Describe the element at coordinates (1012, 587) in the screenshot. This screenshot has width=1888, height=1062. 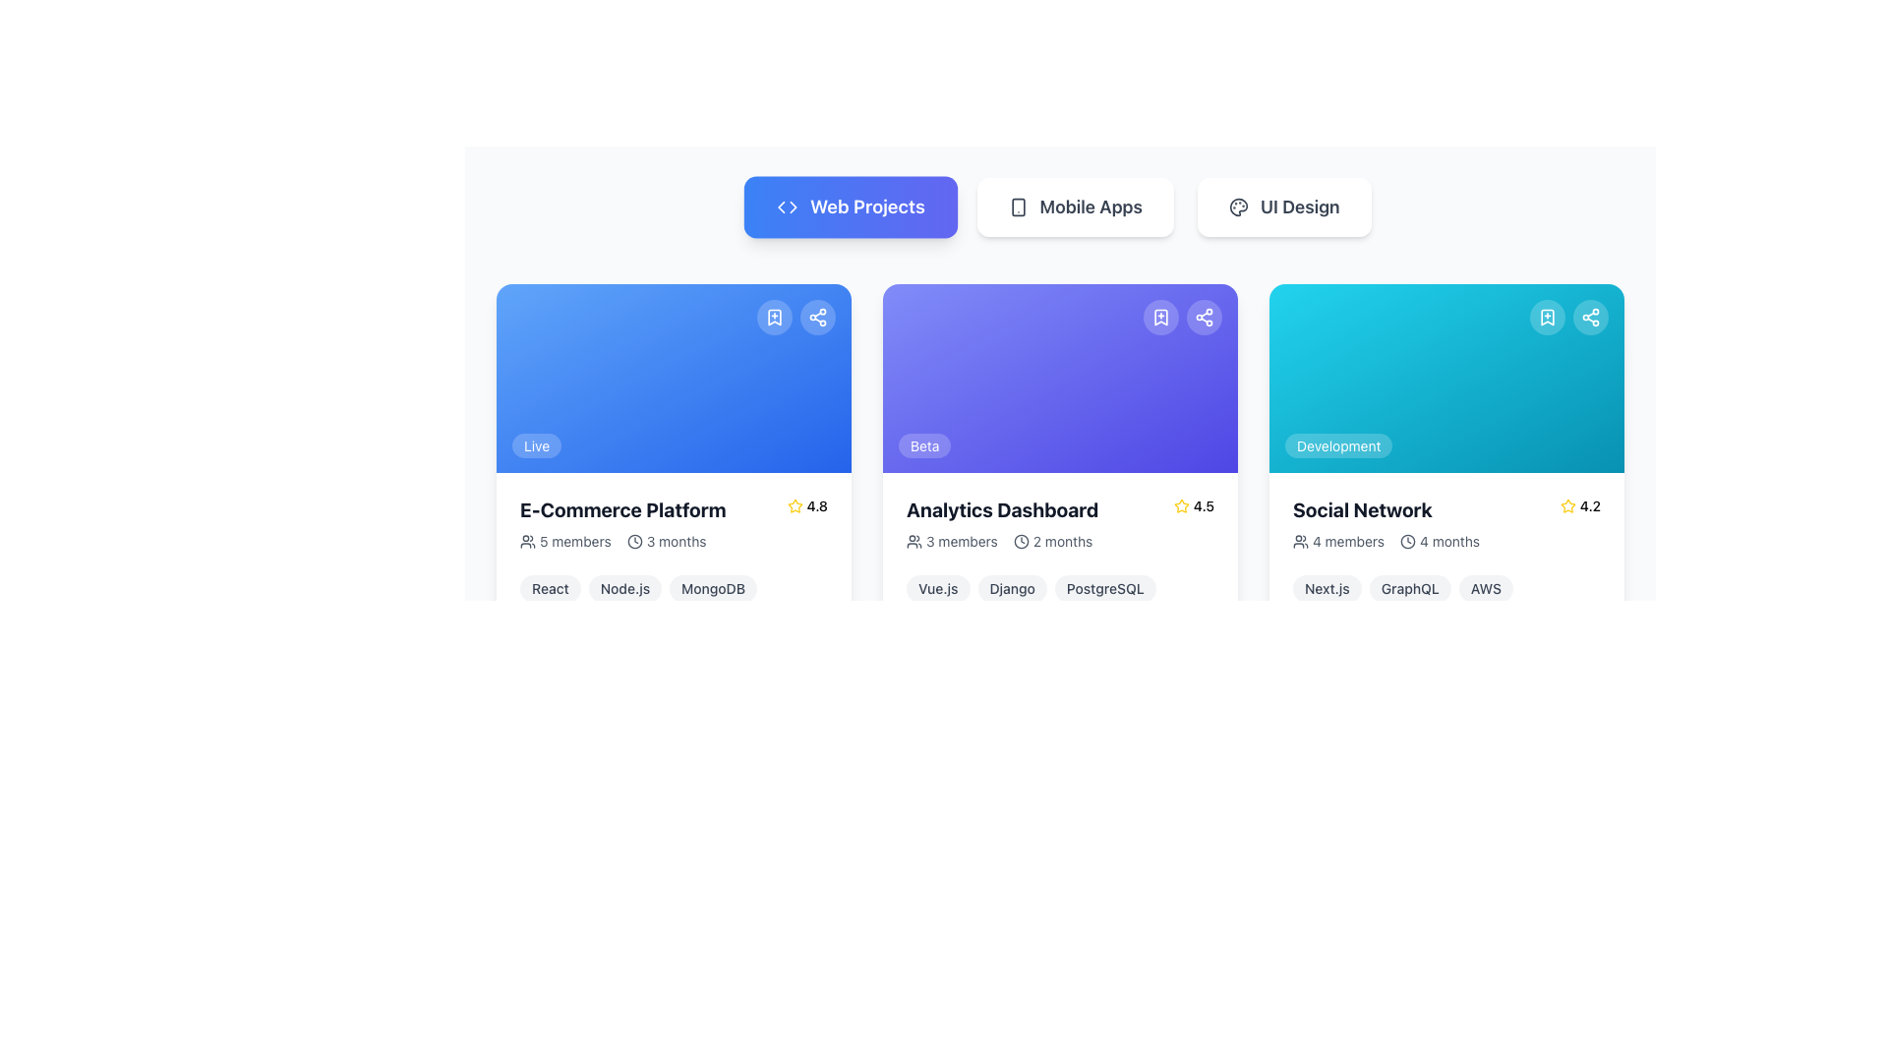
I see `the pill-shaped text label element containing 'Django', which is the second of three similar tags in the horizontal arrangement below the 'Analytics Dashboard' card` at that location.